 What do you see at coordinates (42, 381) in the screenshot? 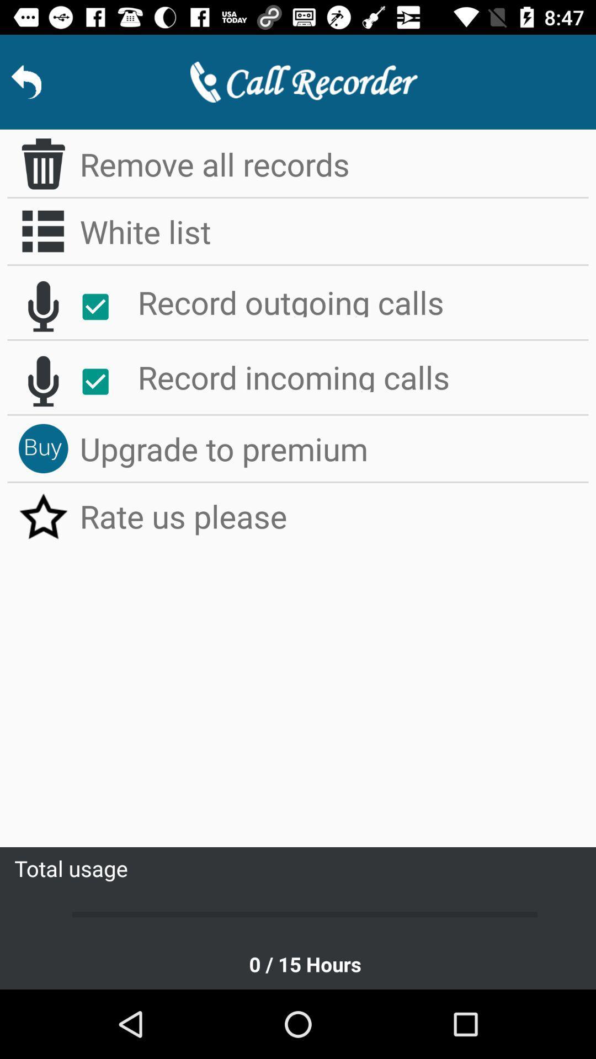
I see `undo your chocie` at bounding box center [42, 381].